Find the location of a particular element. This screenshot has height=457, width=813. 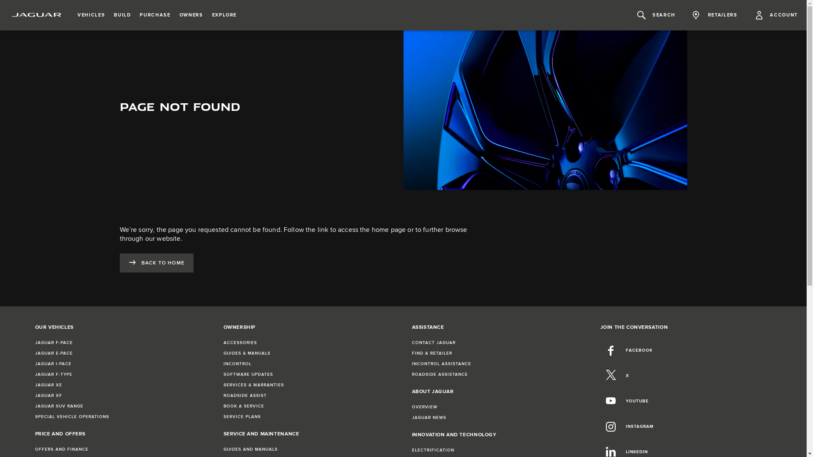

'SPECIAL VEHICLE OPERATIONS' is located at coordinates (34, 416).